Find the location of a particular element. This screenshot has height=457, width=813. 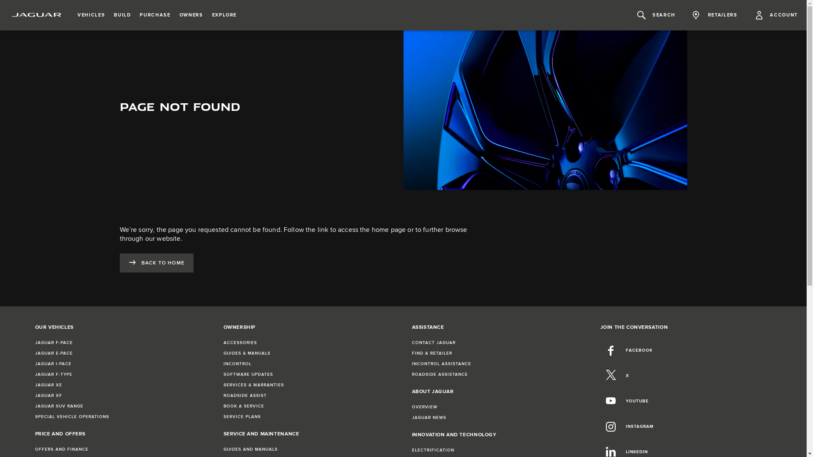

'SPECIAL VEHICLE OPERATIONS' is located at coordinates (34, 416).